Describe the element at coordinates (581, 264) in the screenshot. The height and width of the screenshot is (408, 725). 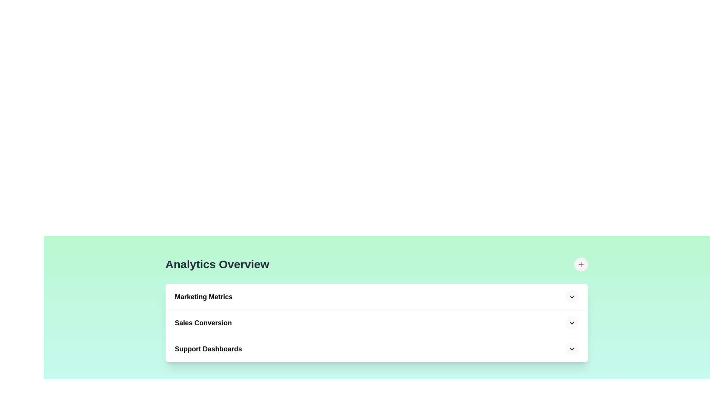
I see `the circular button with a gray background and a plus sign icon located at the top-right corner of the 'Analytics Overview' section` at that location.